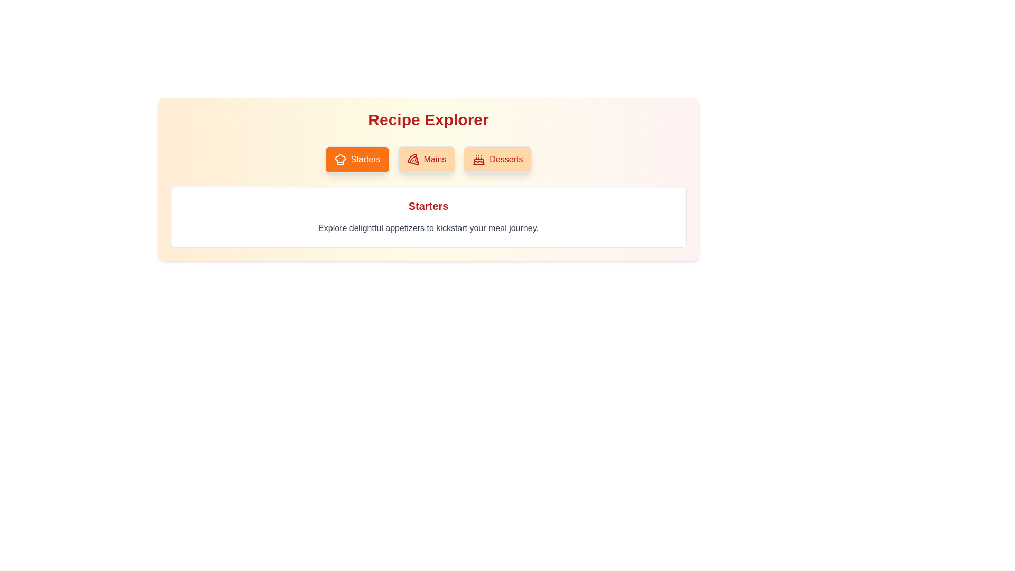  Describe the element at coordinates (357, 159) in the screenshot. I see `the tab labeled Starters to view its content` at that location.